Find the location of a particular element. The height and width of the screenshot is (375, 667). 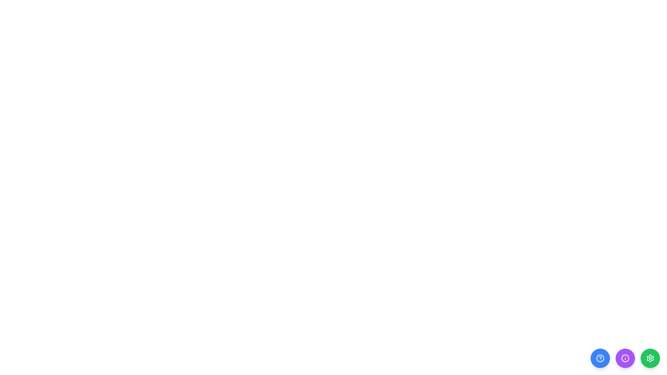

the settings icon located at the bottom-right section of the interface is located at coordinates (650, 358).